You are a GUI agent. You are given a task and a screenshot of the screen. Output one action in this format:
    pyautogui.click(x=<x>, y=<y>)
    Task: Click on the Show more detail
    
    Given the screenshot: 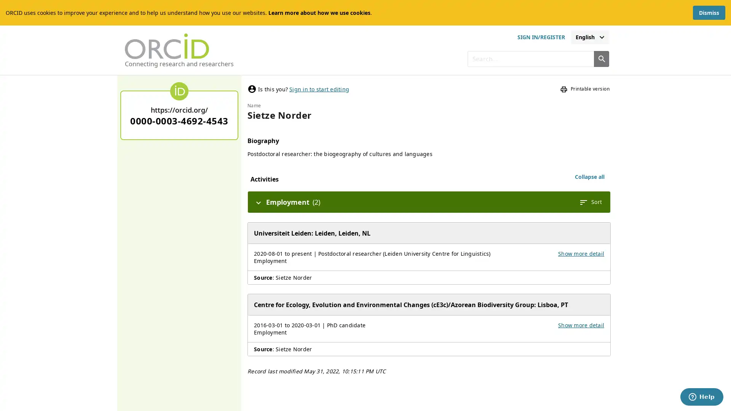 What is the action you would take?
    pyautogui.click(x=581, y=325)
    